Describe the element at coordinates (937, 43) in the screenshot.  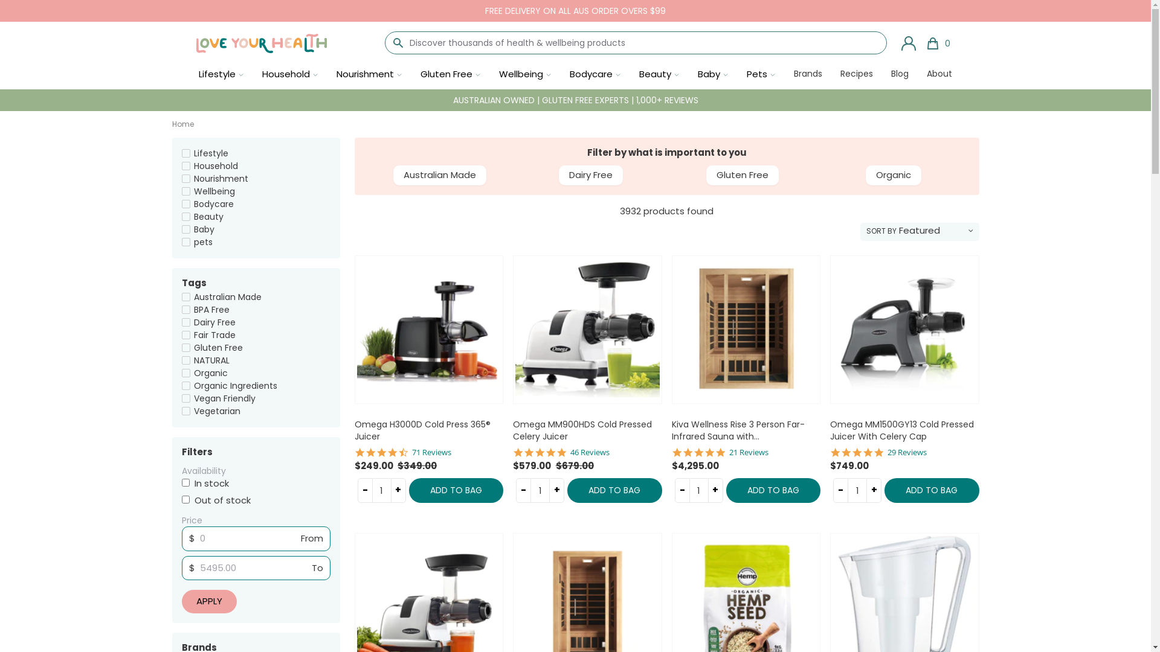
I see `'0` at that location.